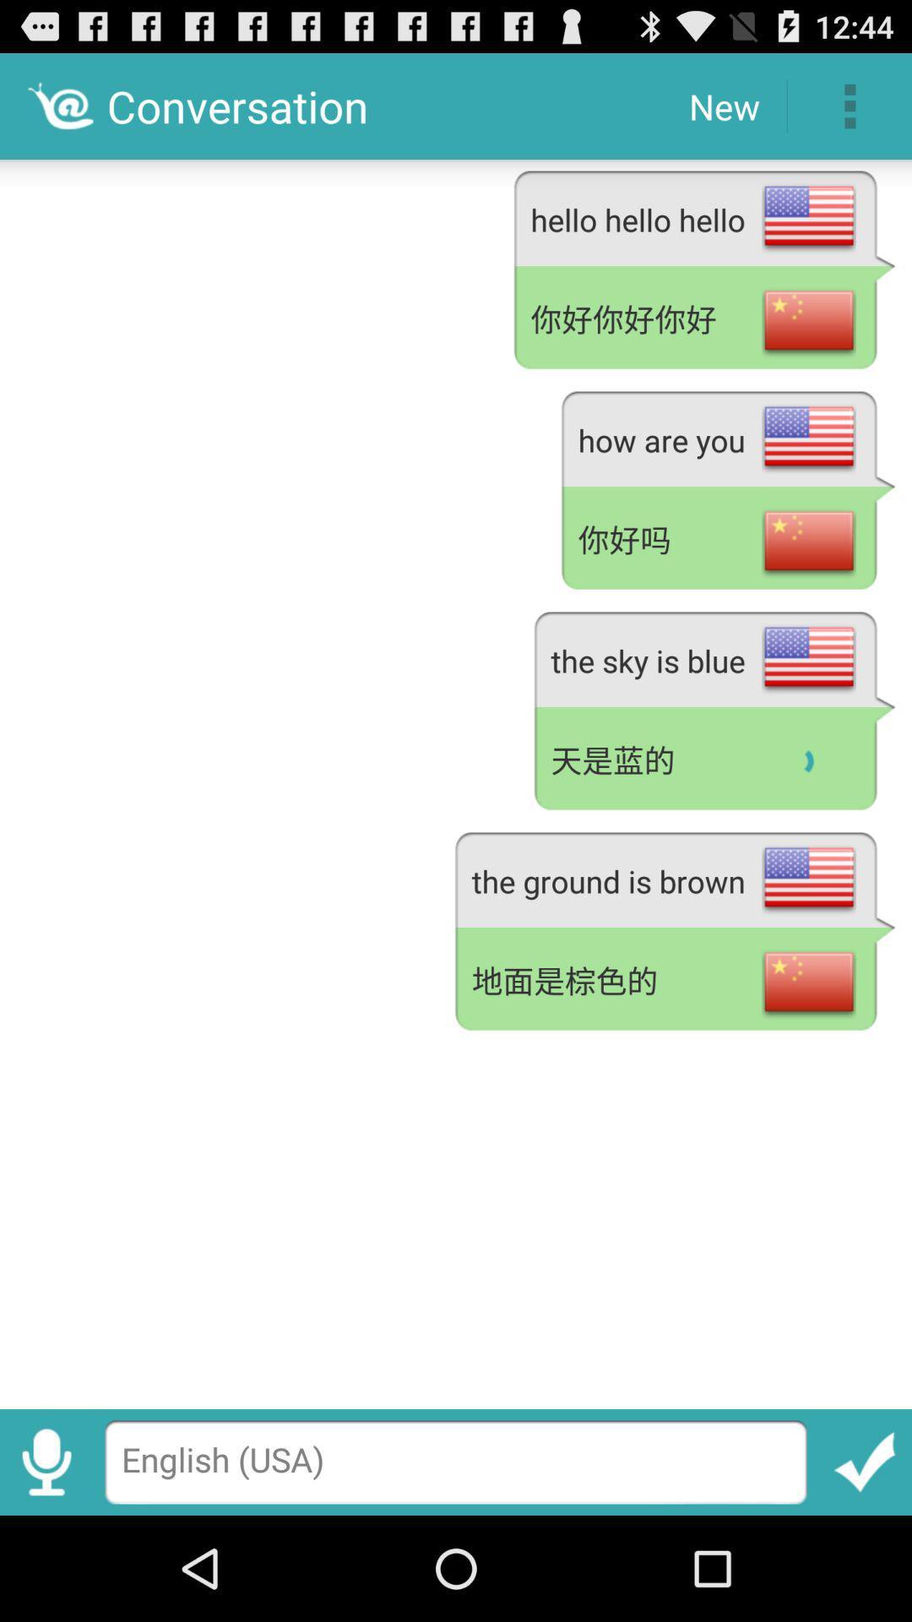 This screenshot has height=1622, width=912. What do you see at coordinates (456, 1461) in the screenshot?
I see `search engie window` at bounding box center [456, 1461].